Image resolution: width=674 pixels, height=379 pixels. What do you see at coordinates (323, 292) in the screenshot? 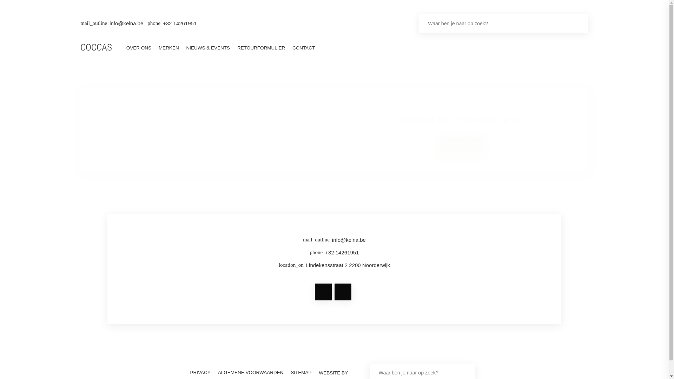
I see `'COCCAS Facebook'` at bounding box center [323, 292].